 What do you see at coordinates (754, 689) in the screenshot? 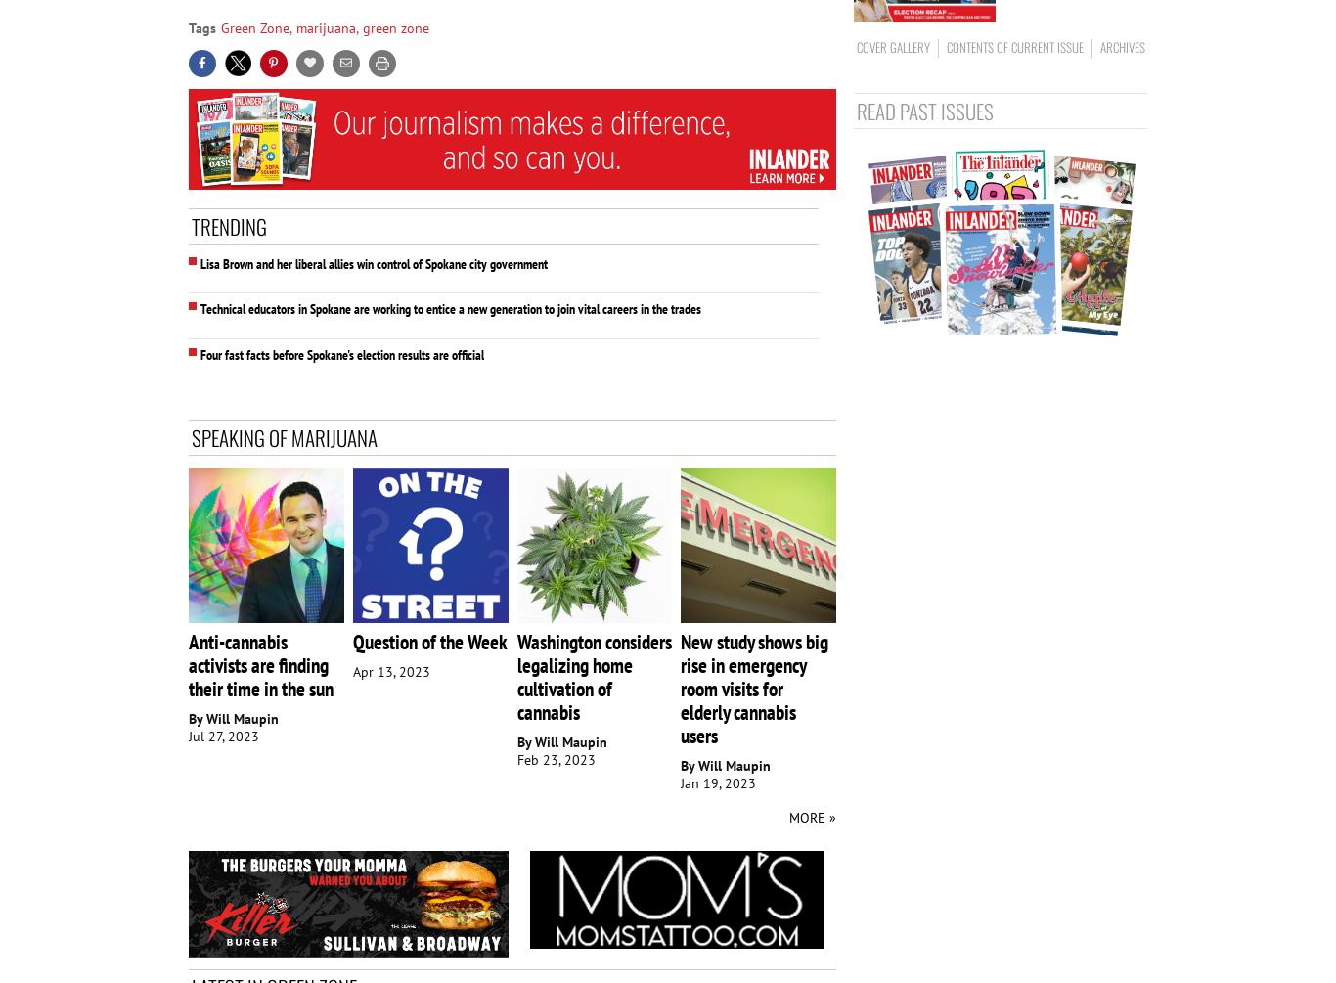
I see `'New study shows big rise in emergency room visits for elderly cannabis users'` at bounding box center [754, 689].